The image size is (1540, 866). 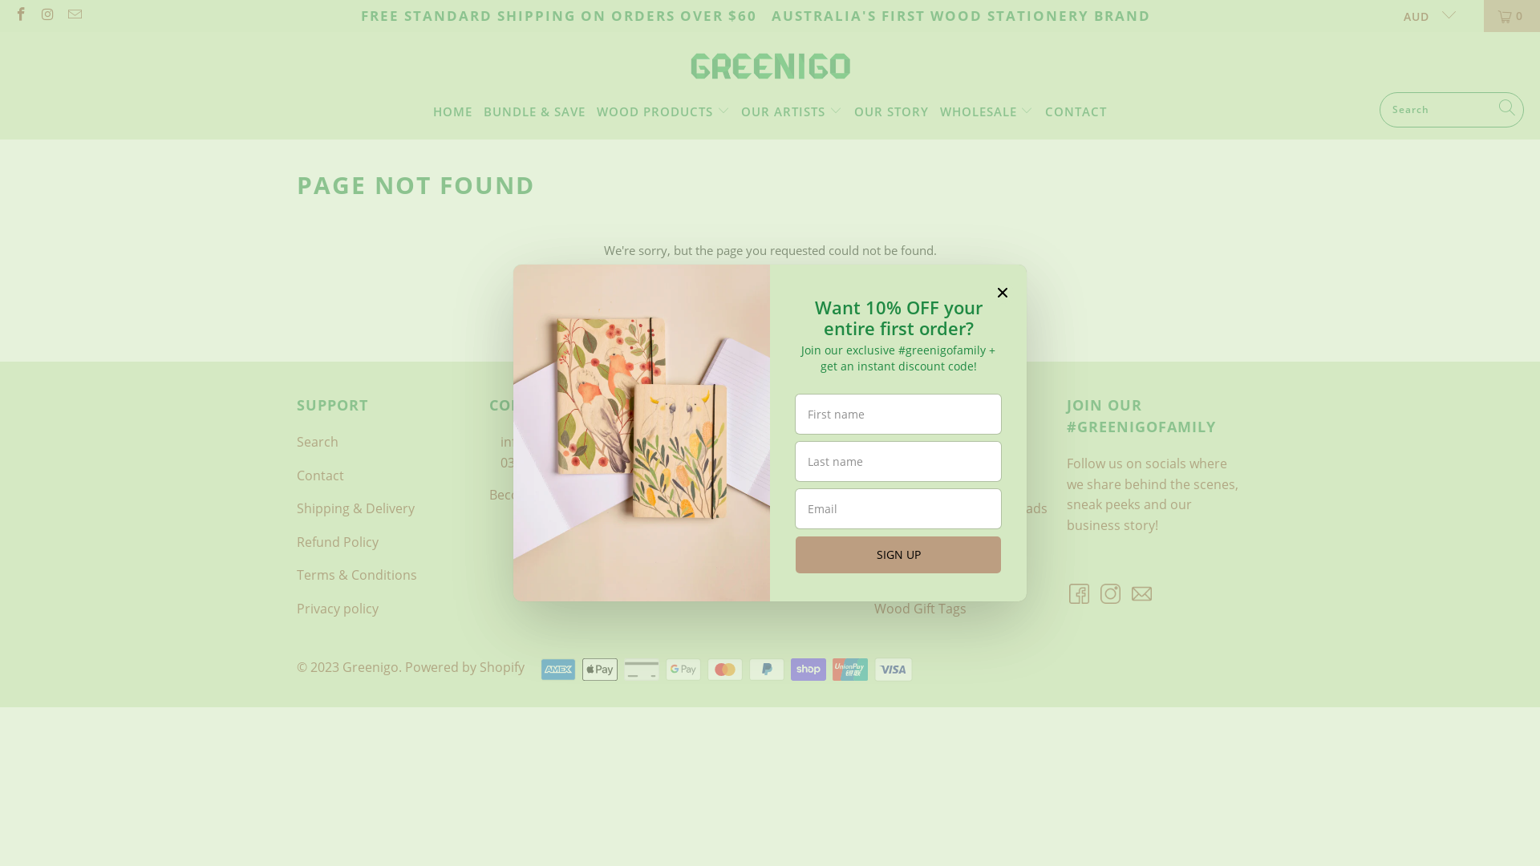 What do you see at coordinates (356, 574) in the screenshot?
I see `'Terms & Conditions'` at bounding box center [356, 574].